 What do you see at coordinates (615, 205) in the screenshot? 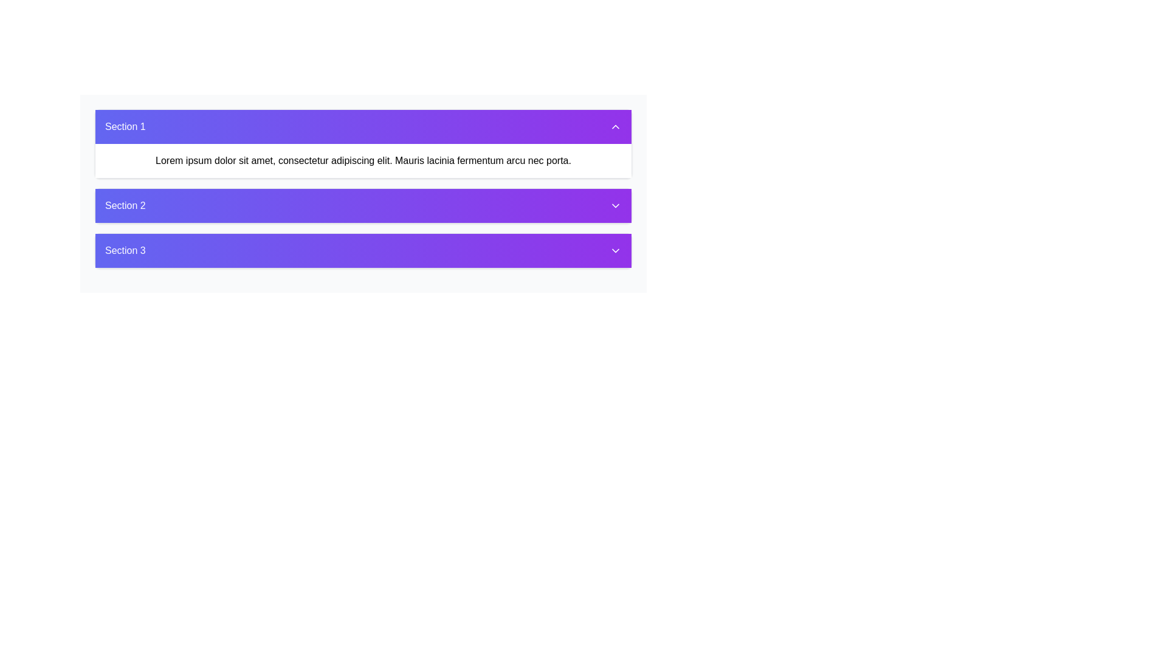
I see `the Dropdown indicator icon located in the header of 'Section 2'` at bounding box center [615, 205].